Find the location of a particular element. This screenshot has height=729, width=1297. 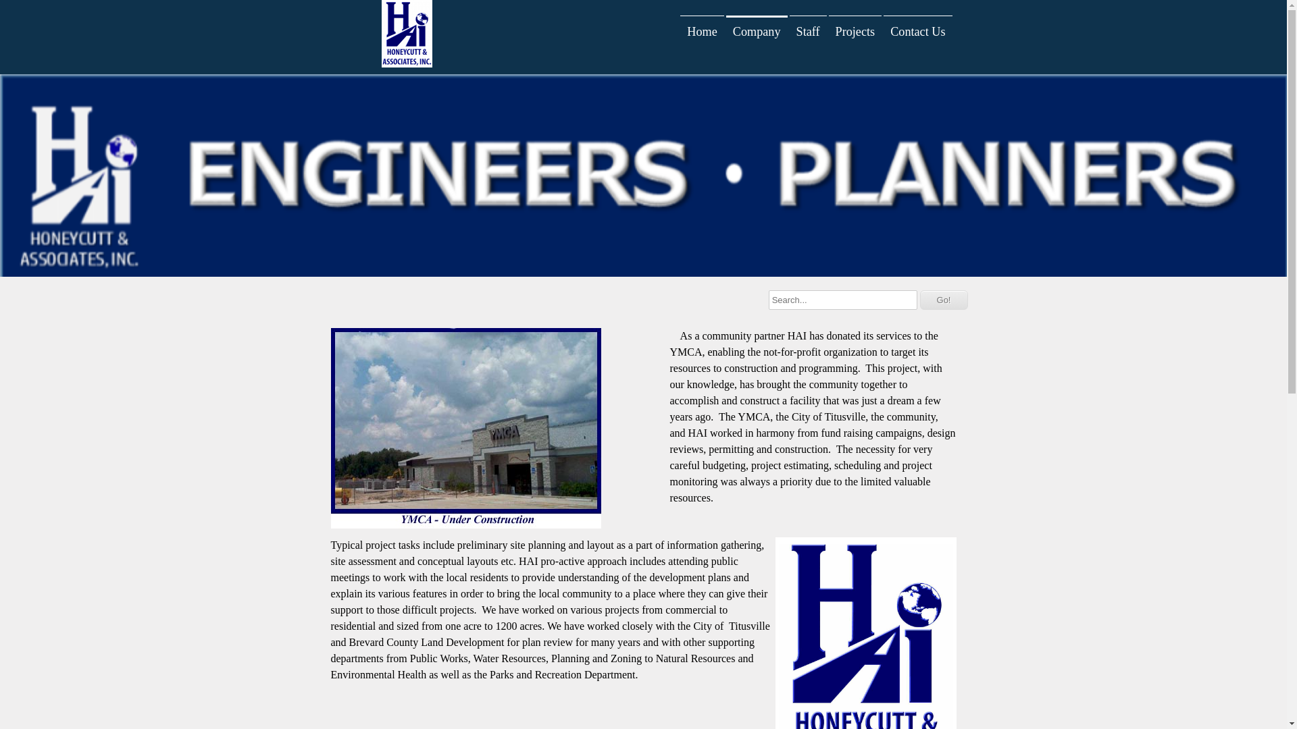

'Staff' is located at coordinates (790, 30).